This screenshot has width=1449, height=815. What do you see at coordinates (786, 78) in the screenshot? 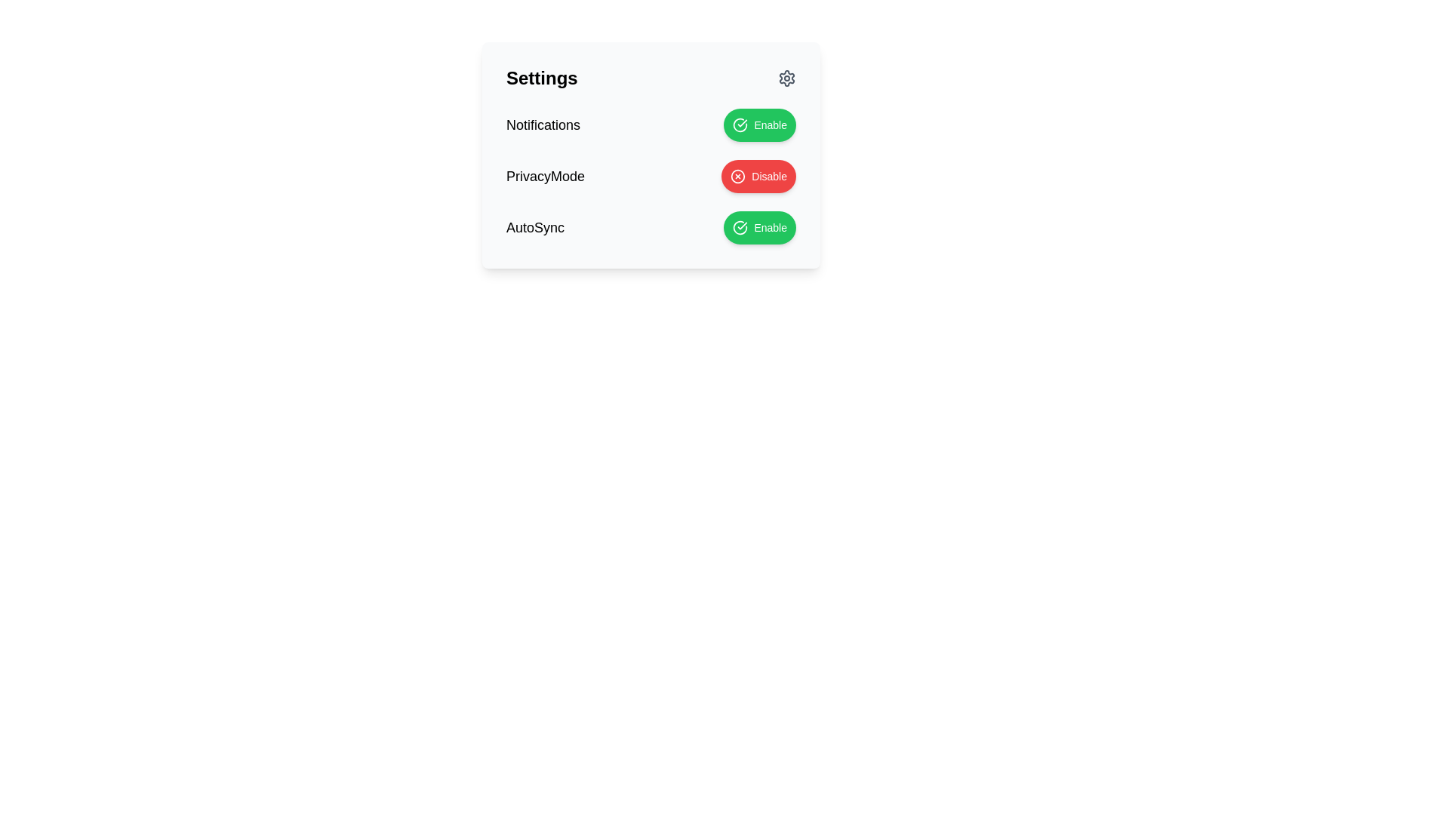
I see `the SVG Icon located in the upper-right corner of the header bar containing the text 'Settings'` at bounding box center [786, 78].